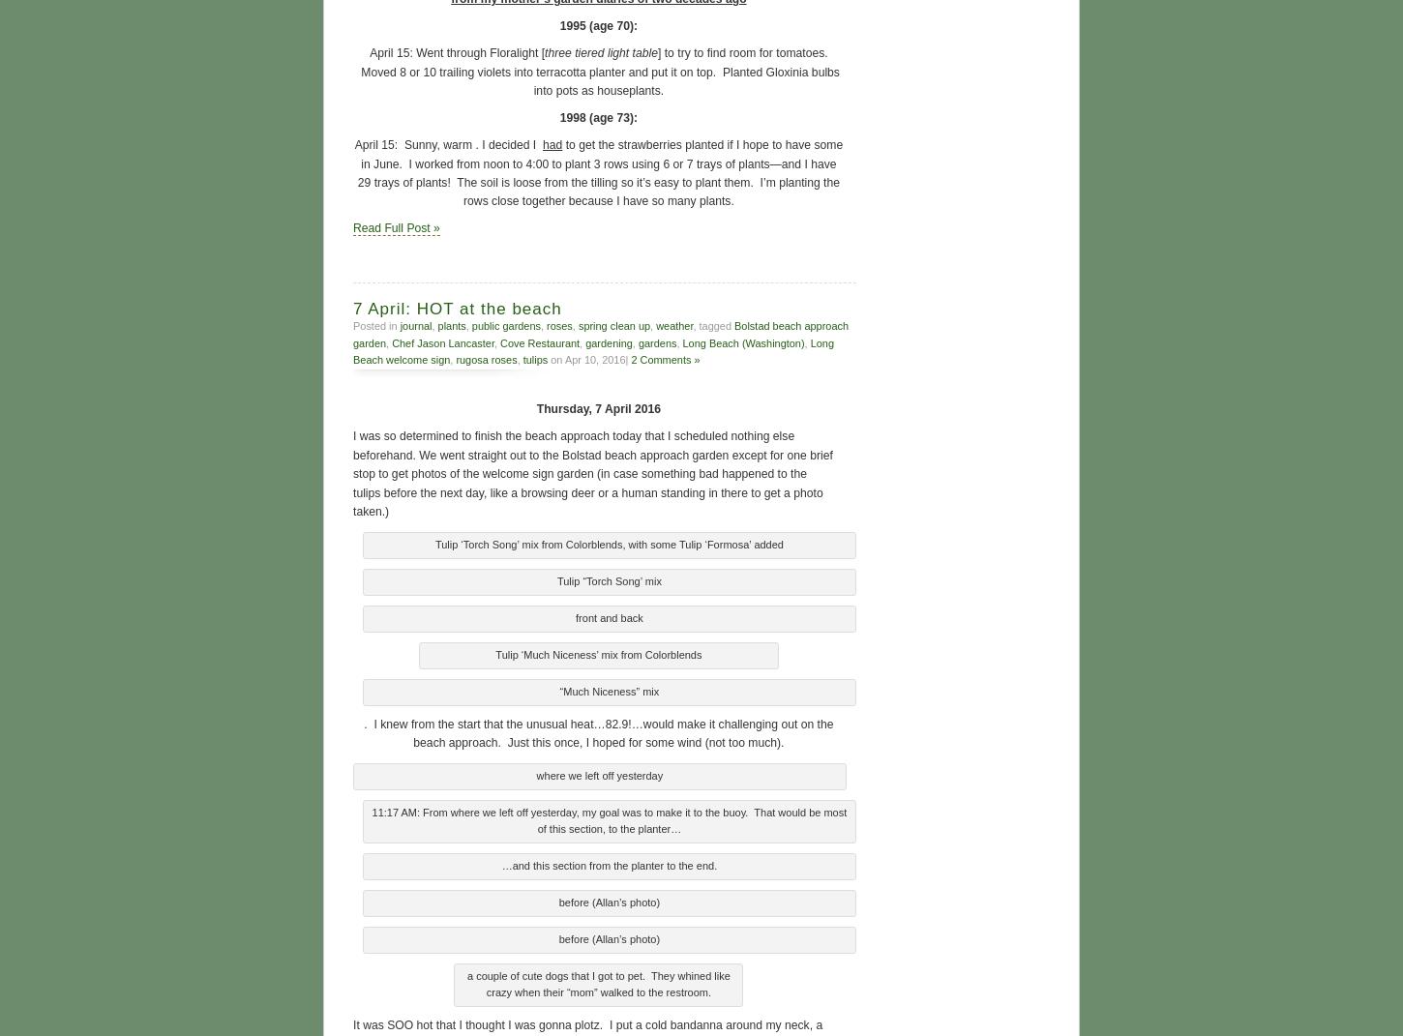 The width and height of the screenshot is (1403, 1036). Describe the element at coordinates (558, 323) in the screenshot. I see `'roses'` at that location.